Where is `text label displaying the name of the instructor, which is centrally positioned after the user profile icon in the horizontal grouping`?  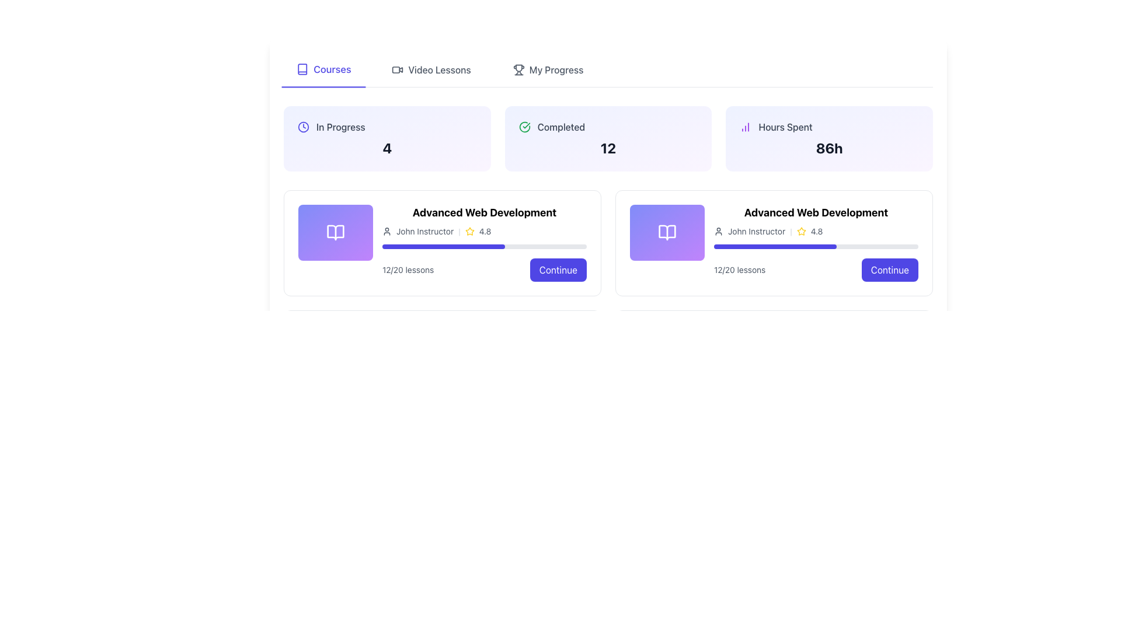
text label displaying the name of the instructor, which is centrally positioned after the user profile icon in the horizontal grouping is located at coordinates (424, 232).